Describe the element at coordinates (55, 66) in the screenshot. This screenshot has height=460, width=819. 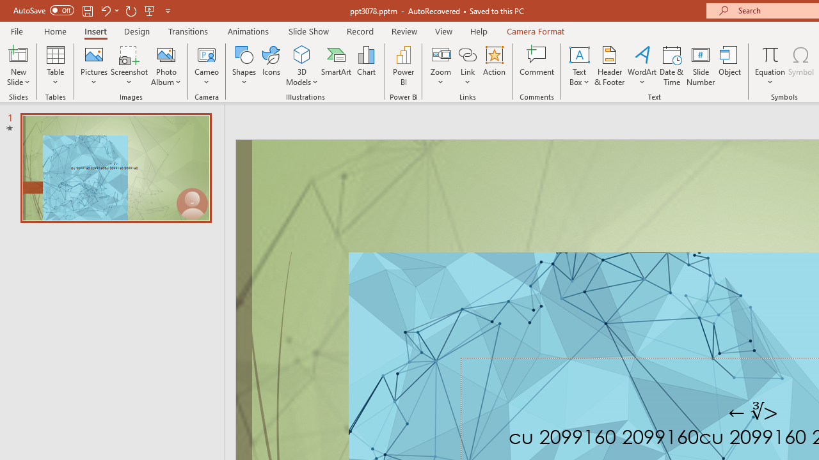
I see `'Table'` at that location.